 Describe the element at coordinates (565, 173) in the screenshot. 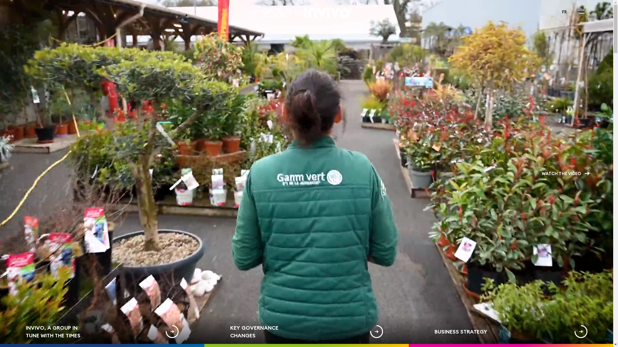

I see `'WATCH THE VIDEO'` at that location.